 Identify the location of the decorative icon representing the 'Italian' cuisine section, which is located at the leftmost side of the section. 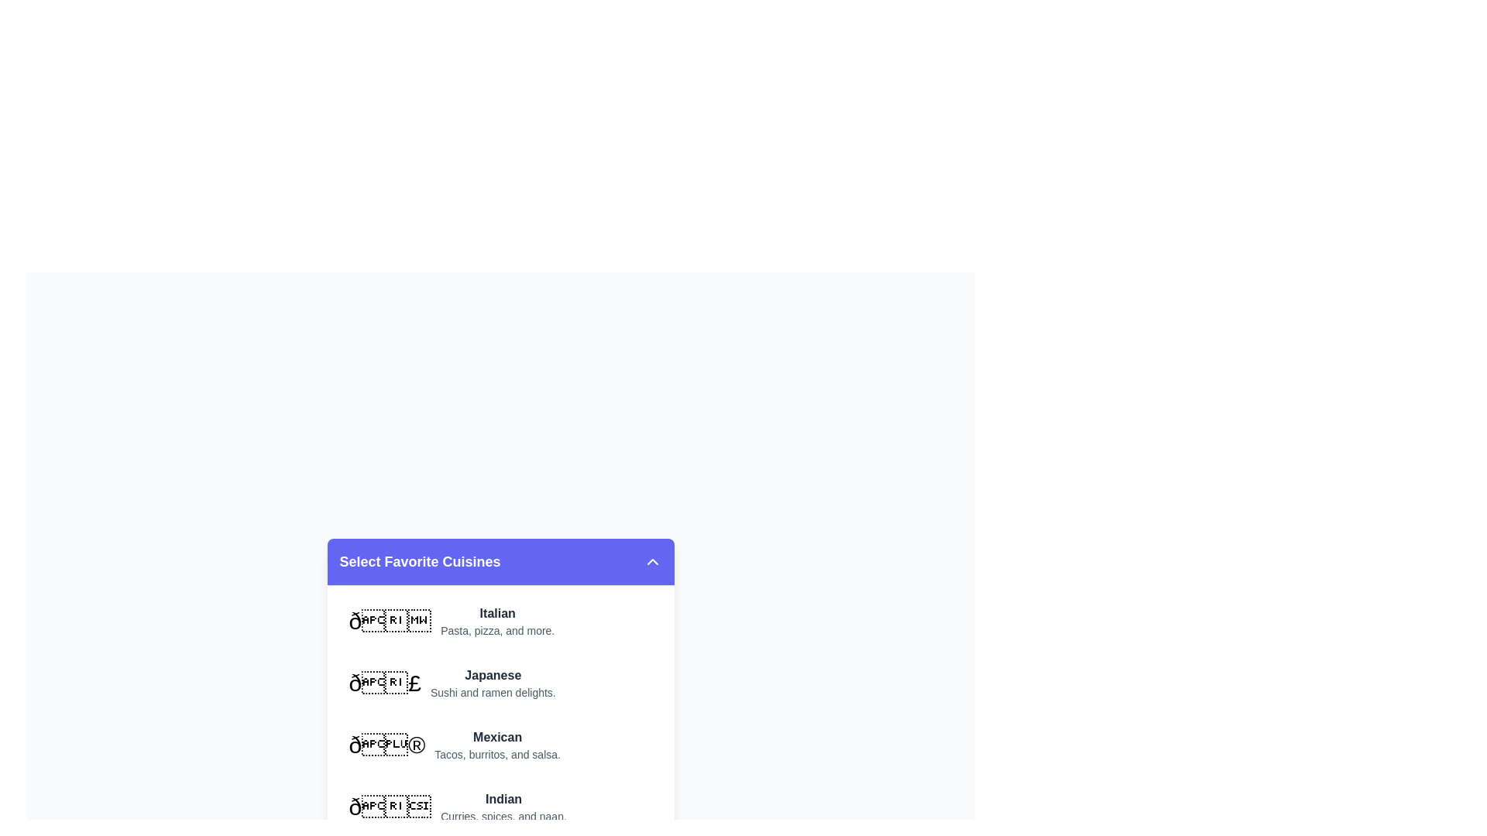
(390, 620).